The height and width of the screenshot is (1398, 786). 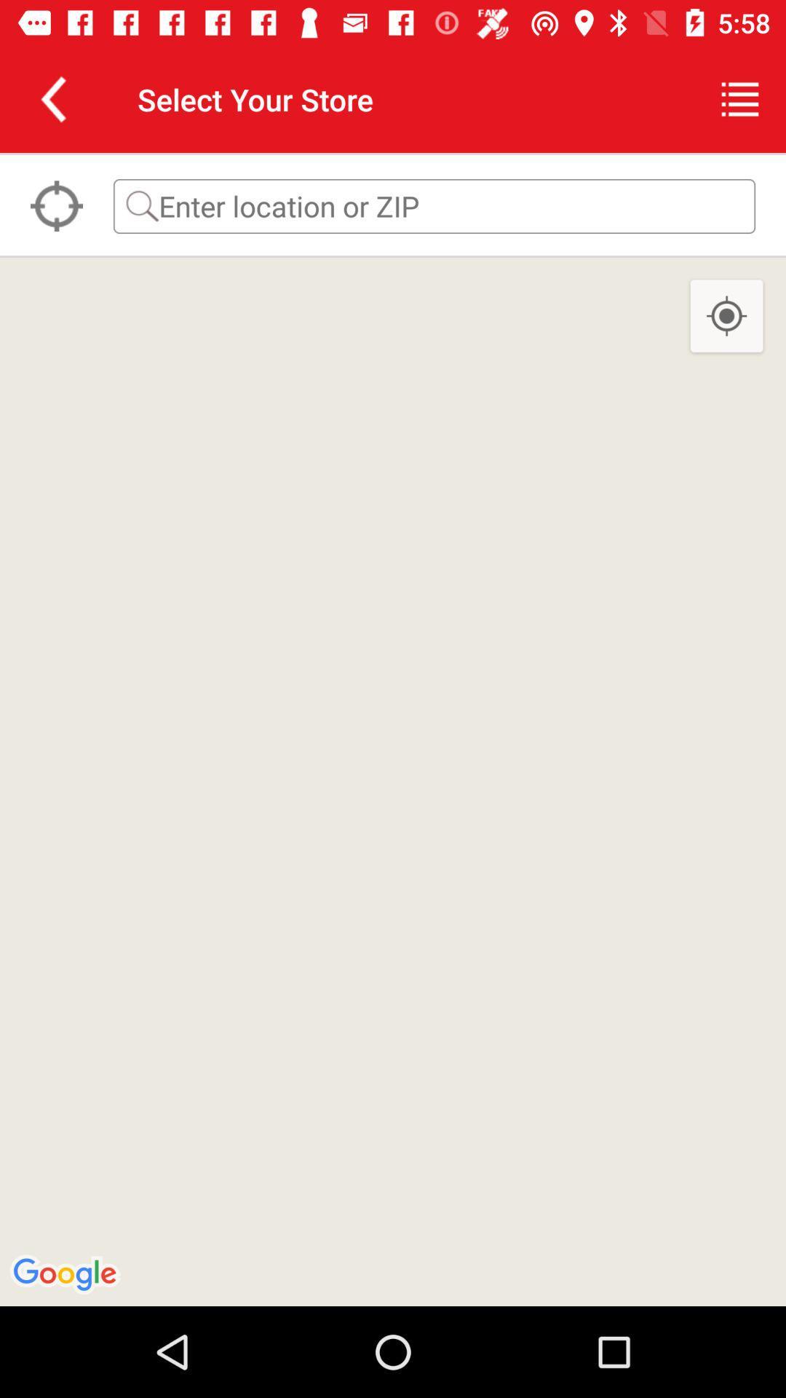 What do you see at coordinates (726, 316) in the screenshot?
I see `the location_crosshair icon` at bounding box center [726, 316].